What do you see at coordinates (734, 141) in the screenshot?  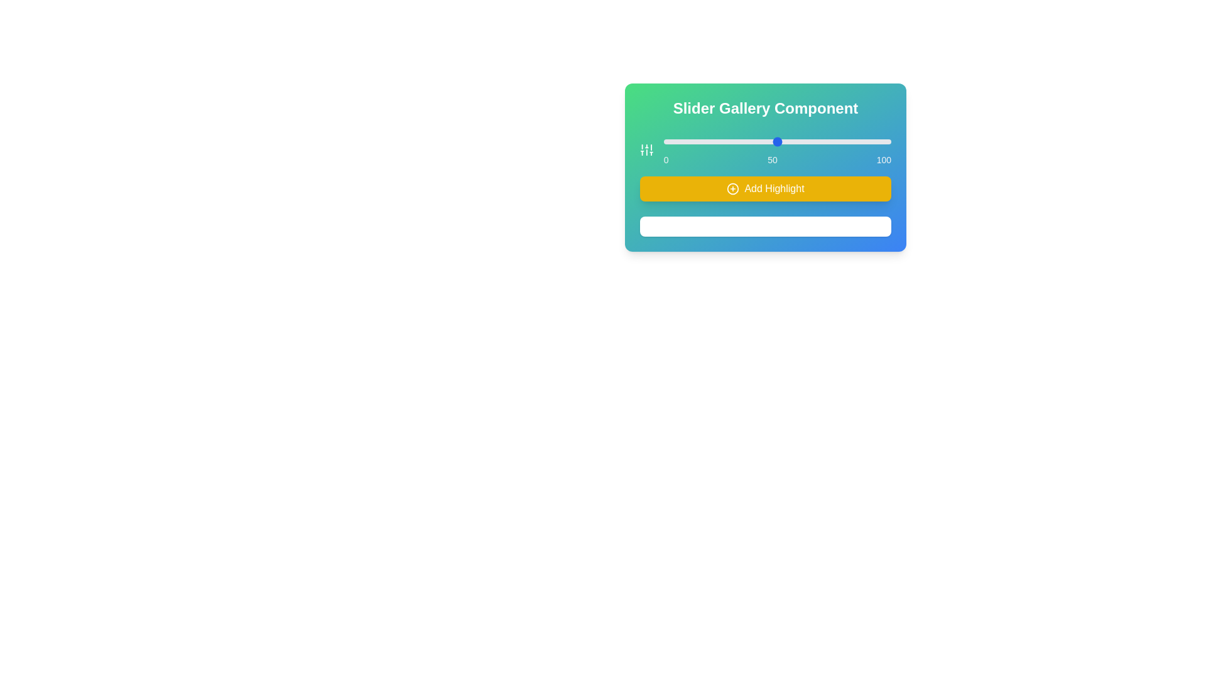 I see `the slider value` at bounding box center [734, 141].